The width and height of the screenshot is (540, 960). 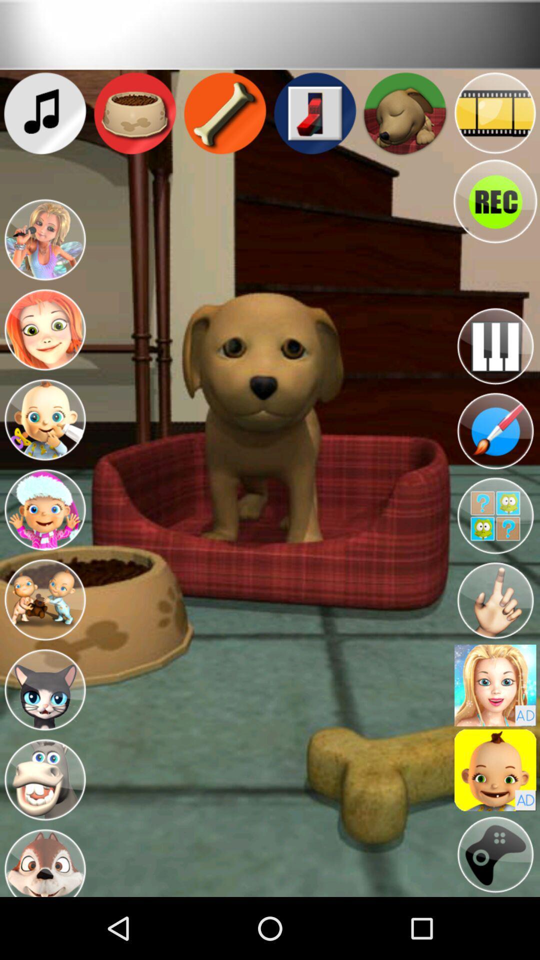 What do you see at coordinates (44, 860) in the screenshot?
I see `squirel` at bounding box center [44, 860].